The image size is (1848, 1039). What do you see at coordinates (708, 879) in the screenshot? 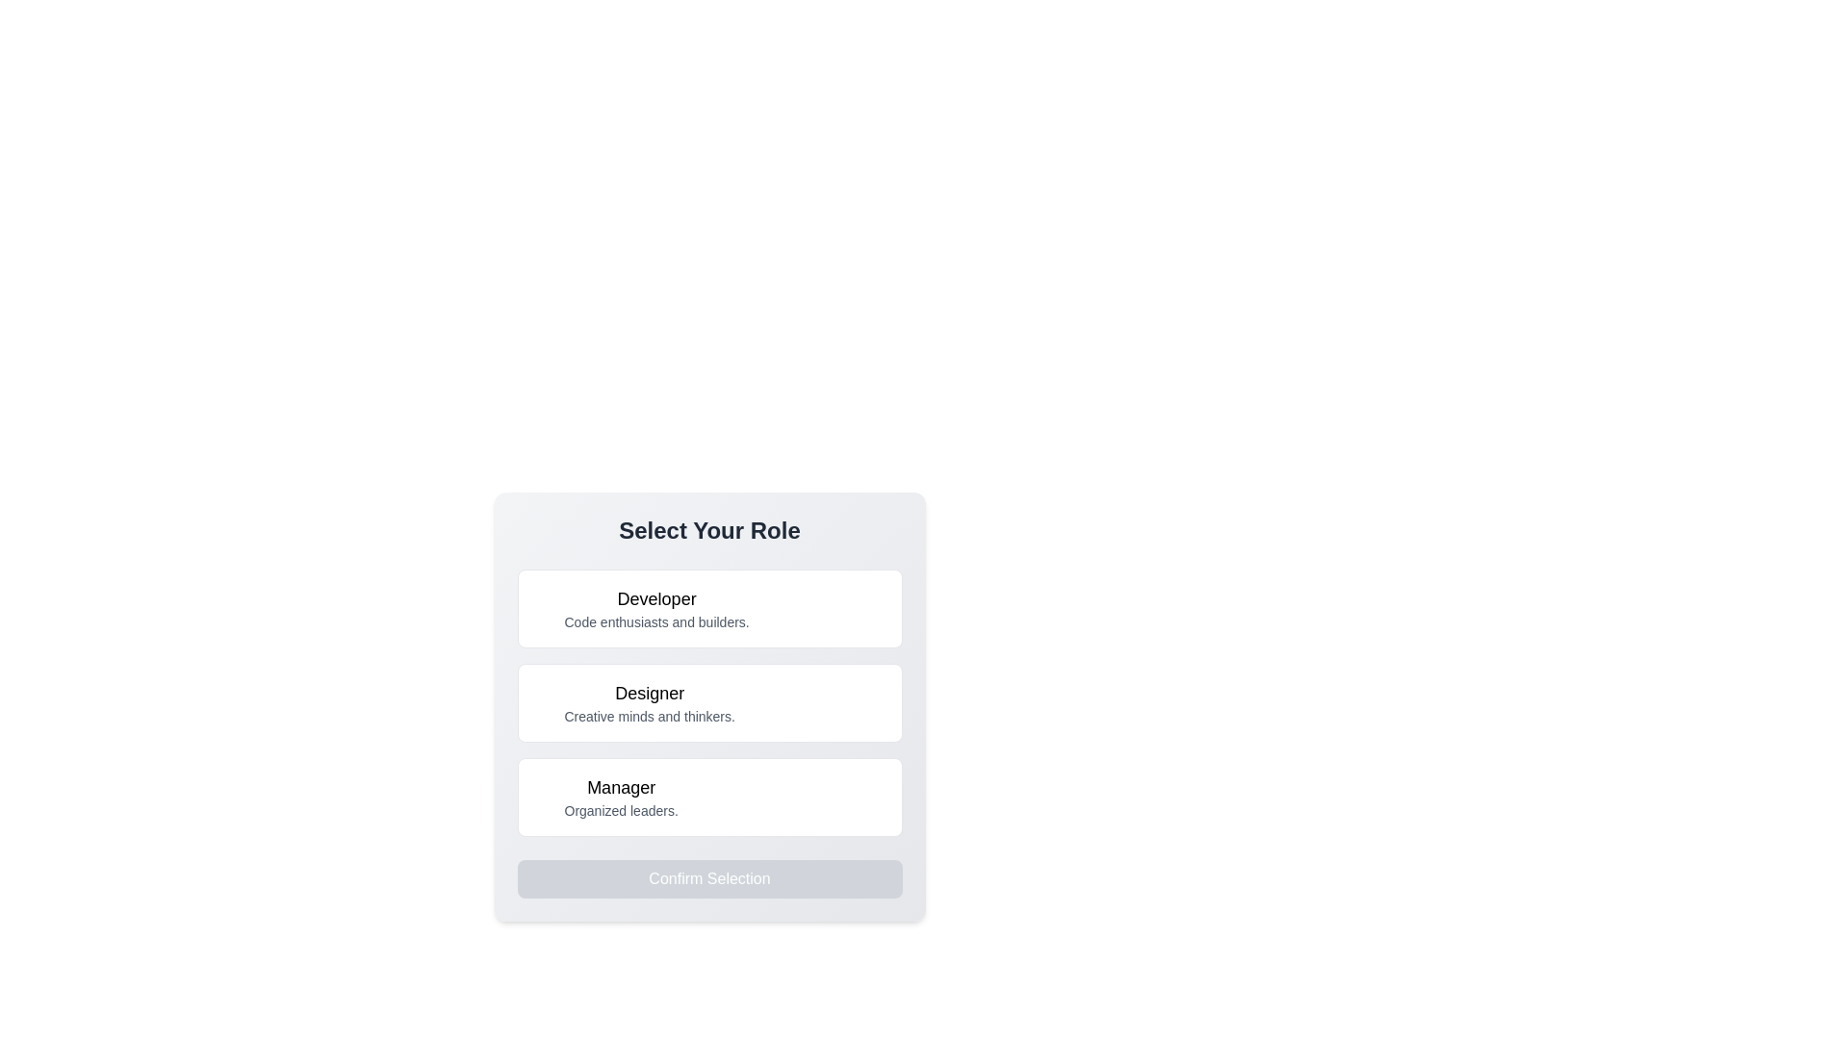
I see `the acceptance button located at the bottom of the form interface, just below the role options 'Developer', 'Designer', and 'Manager' to change its appearance, indicating interactivity` at bounding box center [708, 879].